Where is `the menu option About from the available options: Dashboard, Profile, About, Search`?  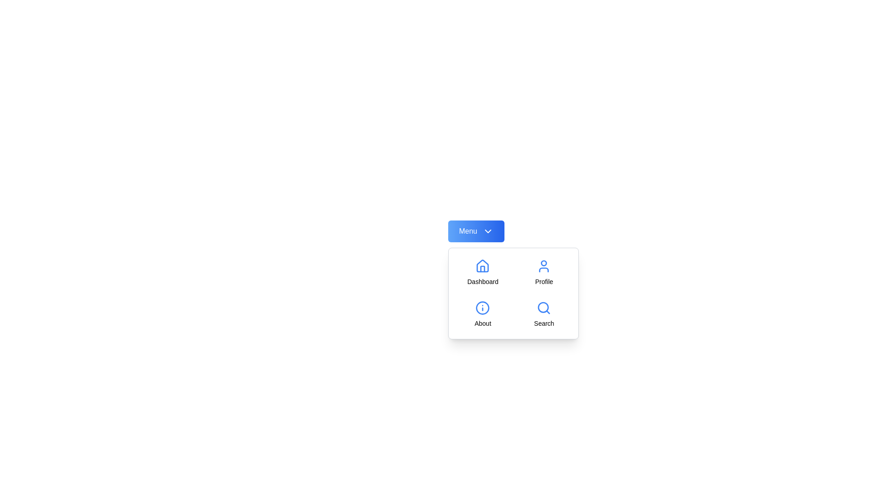 the menu option About from the available options: Dashboard, Profile, About, Search is located at coordinates (482, 314).